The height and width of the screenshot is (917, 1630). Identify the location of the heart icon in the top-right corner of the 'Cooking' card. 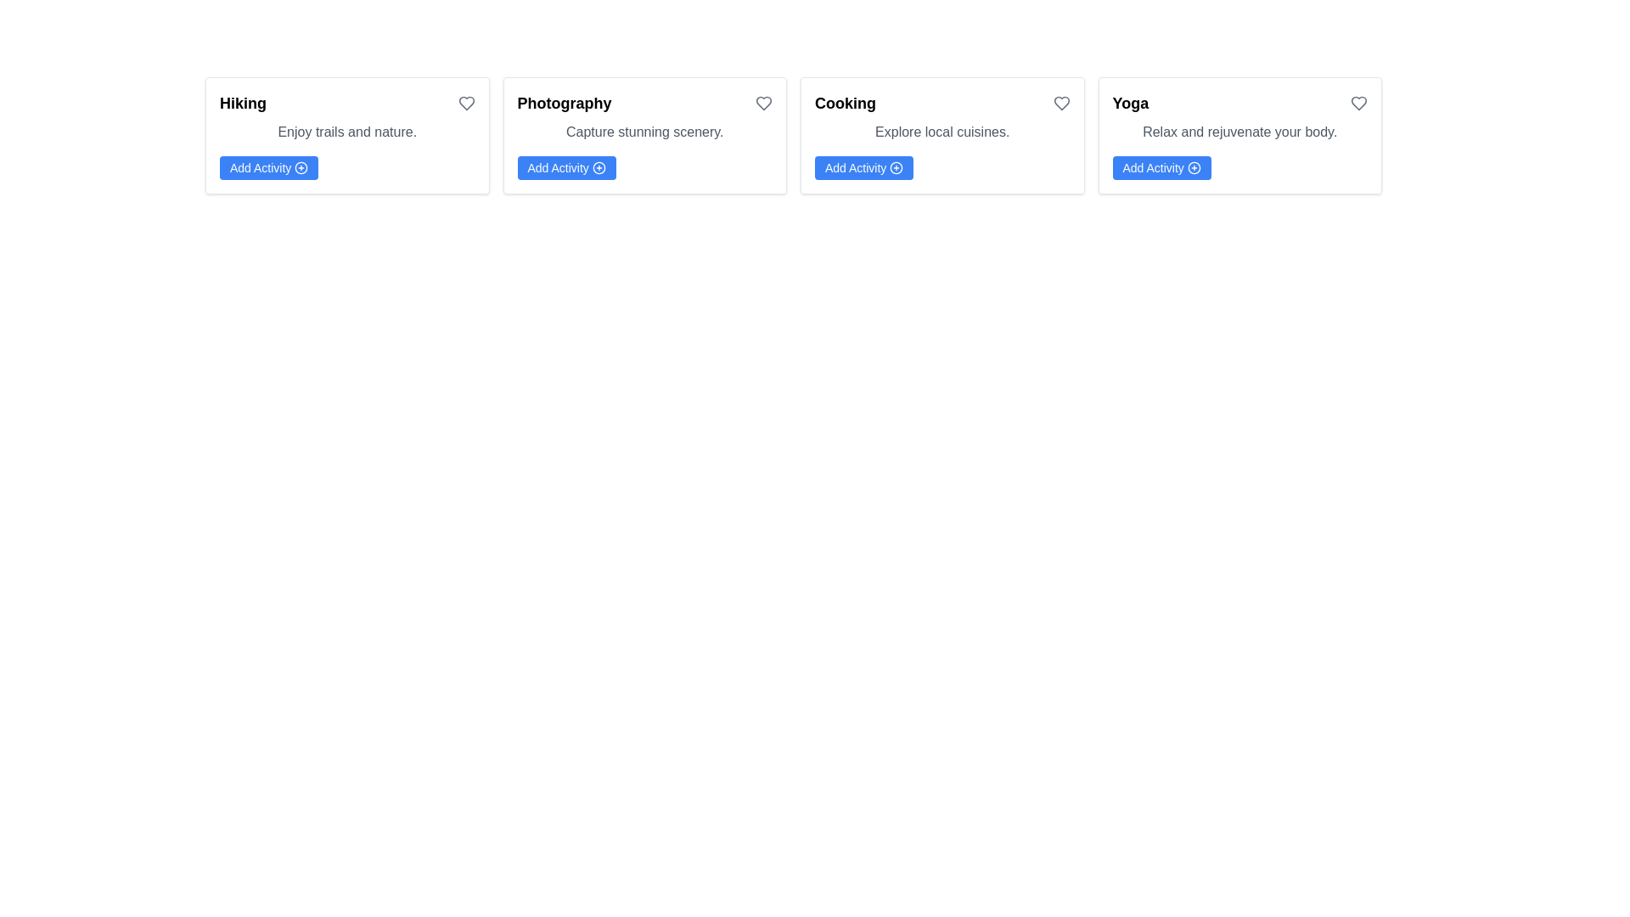
(1059, 104).